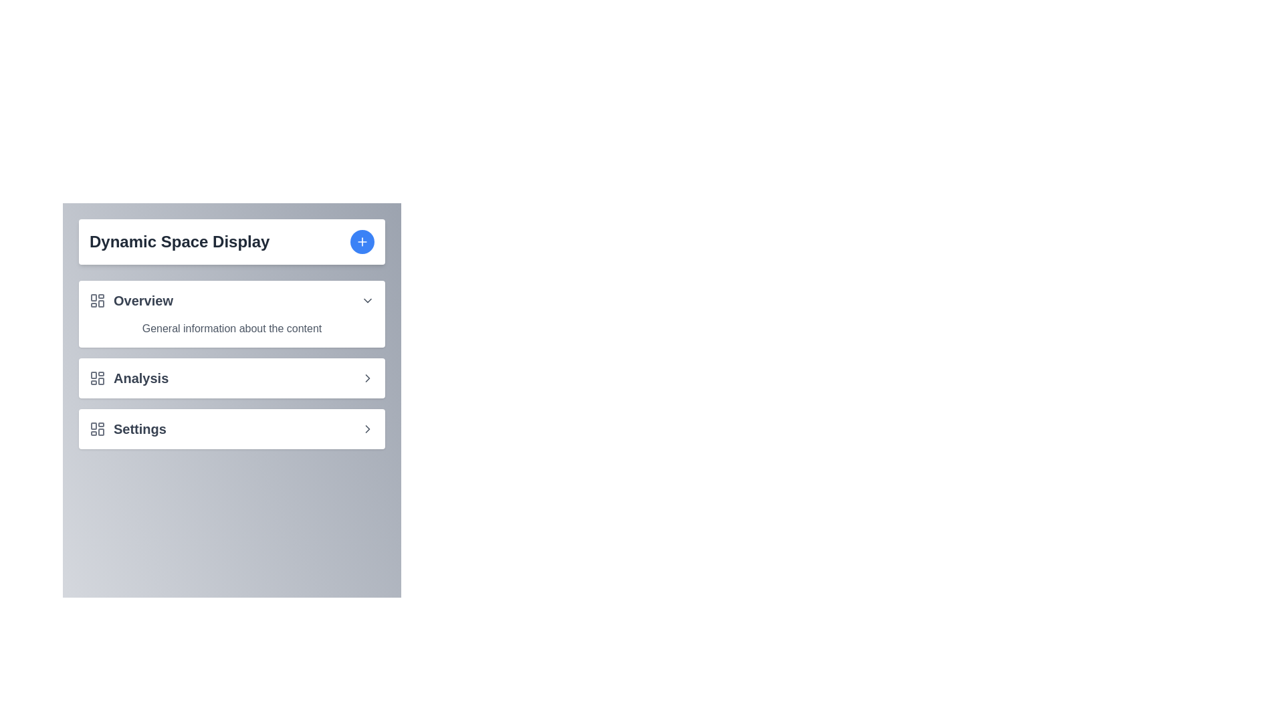  What do you see at coordinates (231, 429) in the screenshot?
I see `the Settings button located in the sidebar, which is the third item in a vertical list of buttons` at bounding box center [231, 429].